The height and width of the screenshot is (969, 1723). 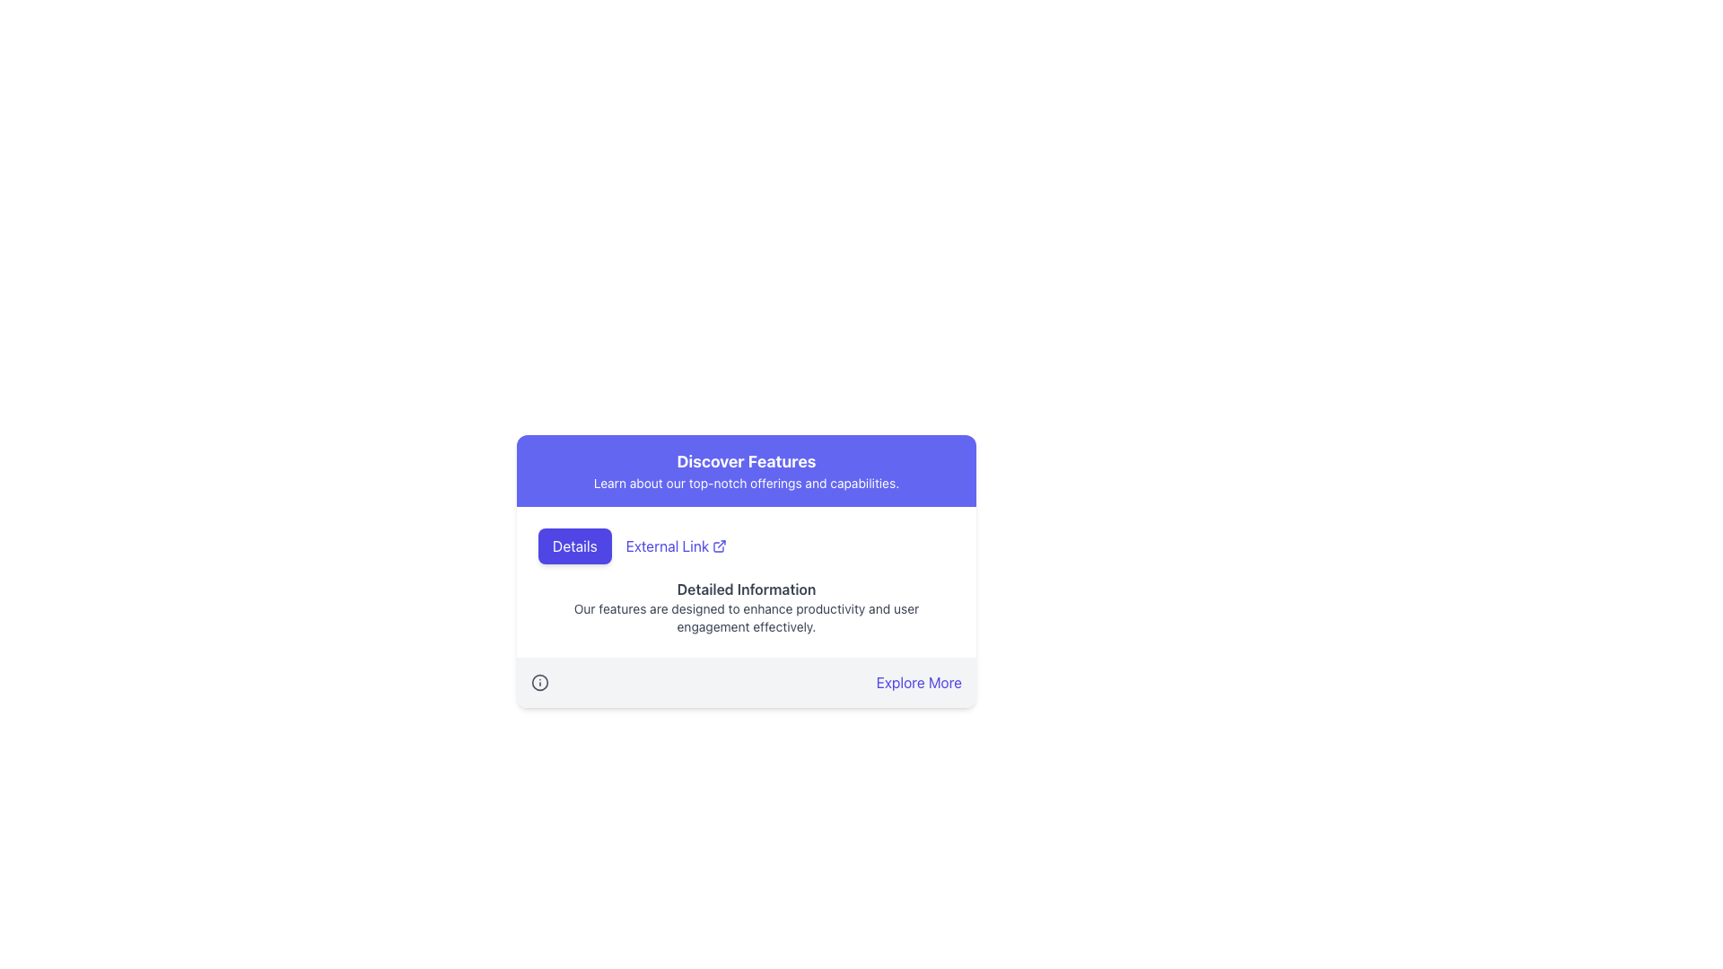 I want to click on the hyperlink styled with a blue, underlined font containing the text 'External Link' and an embedded icon, so click(x=675, y=546).